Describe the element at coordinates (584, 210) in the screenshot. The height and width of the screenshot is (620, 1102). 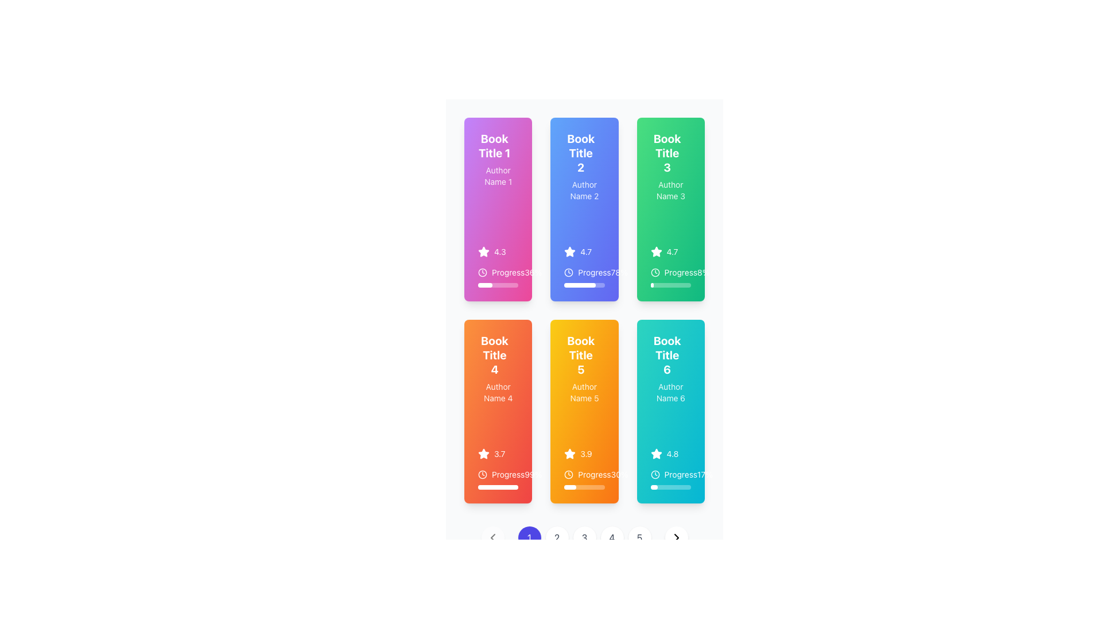
I see `the Information card representing a single book entity, which is the second card` at that location.